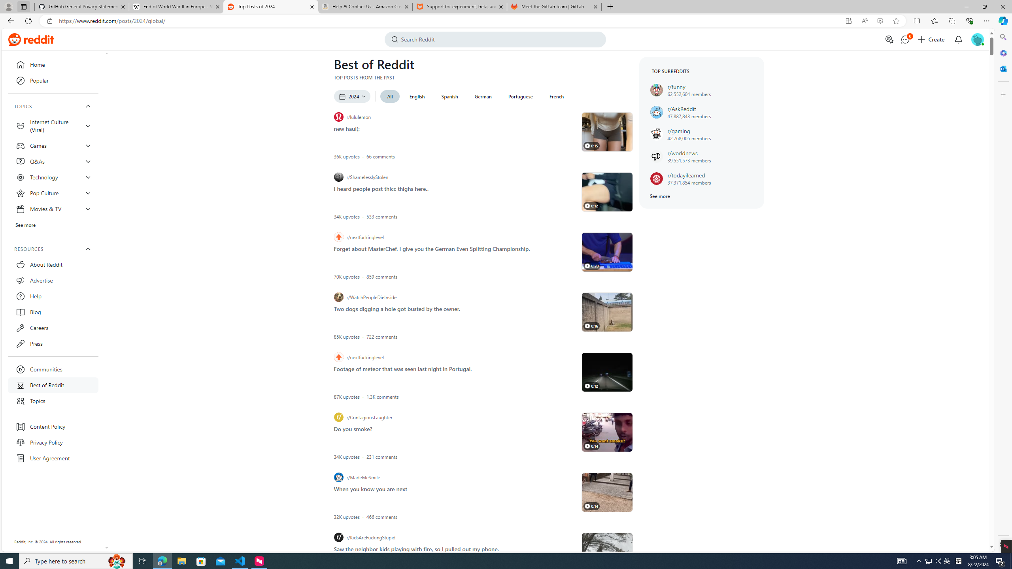  I want to click on 'Open chat', so click(904, 39).